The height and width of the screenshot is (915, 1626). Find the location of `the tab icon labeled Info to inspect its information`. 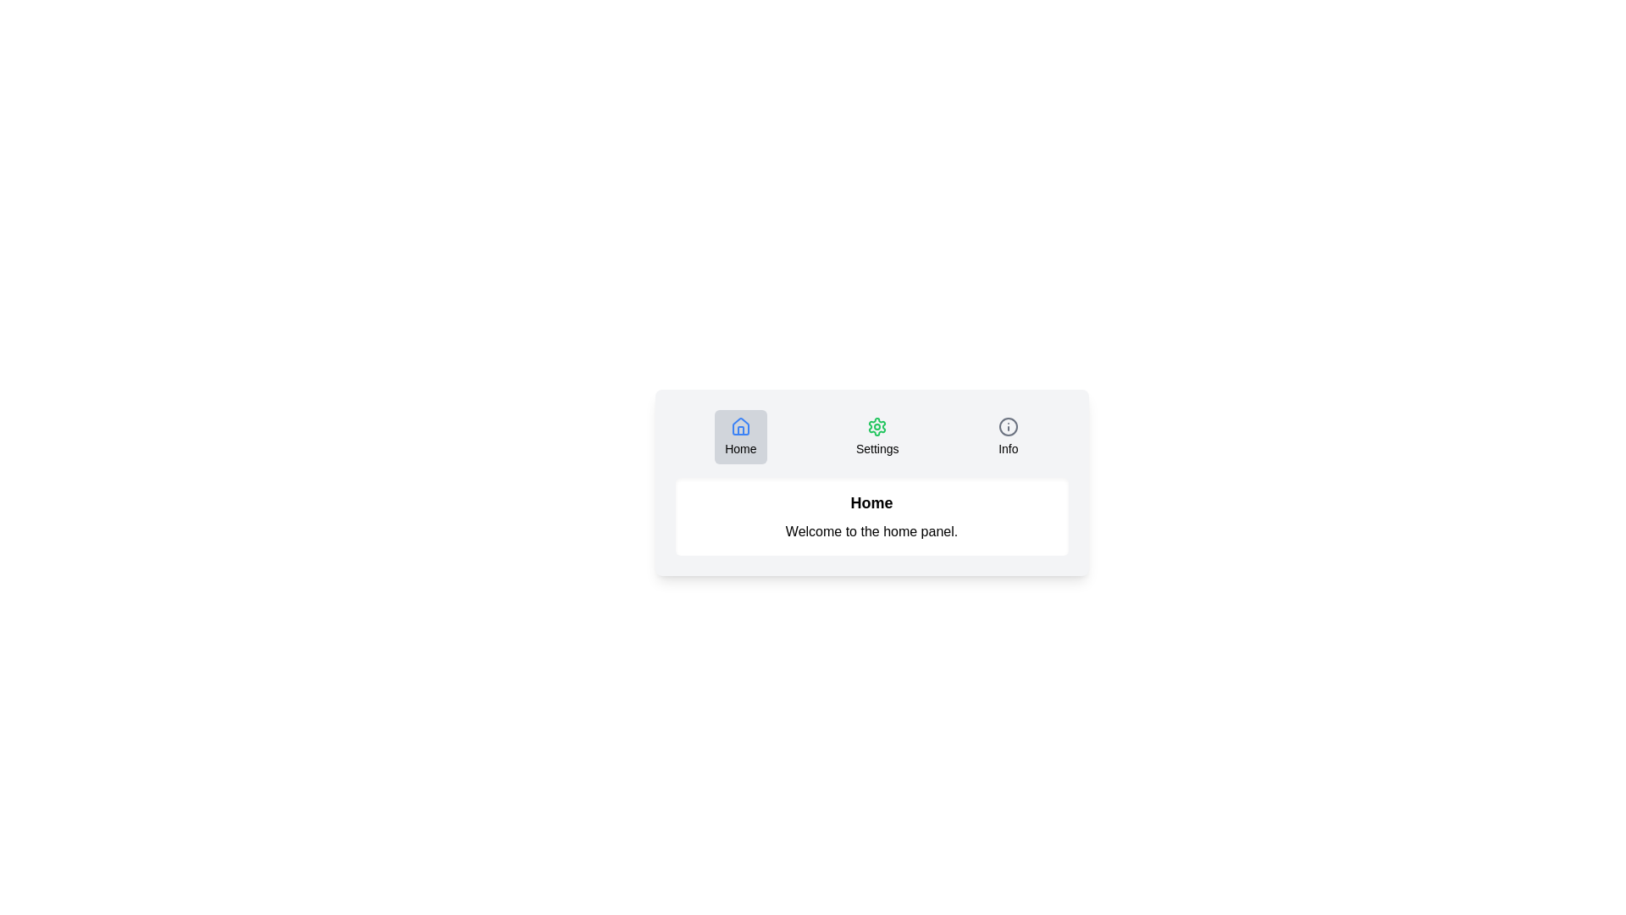

the tab icon labeled Info to inspect its information is located at coordinates (1008, 436).